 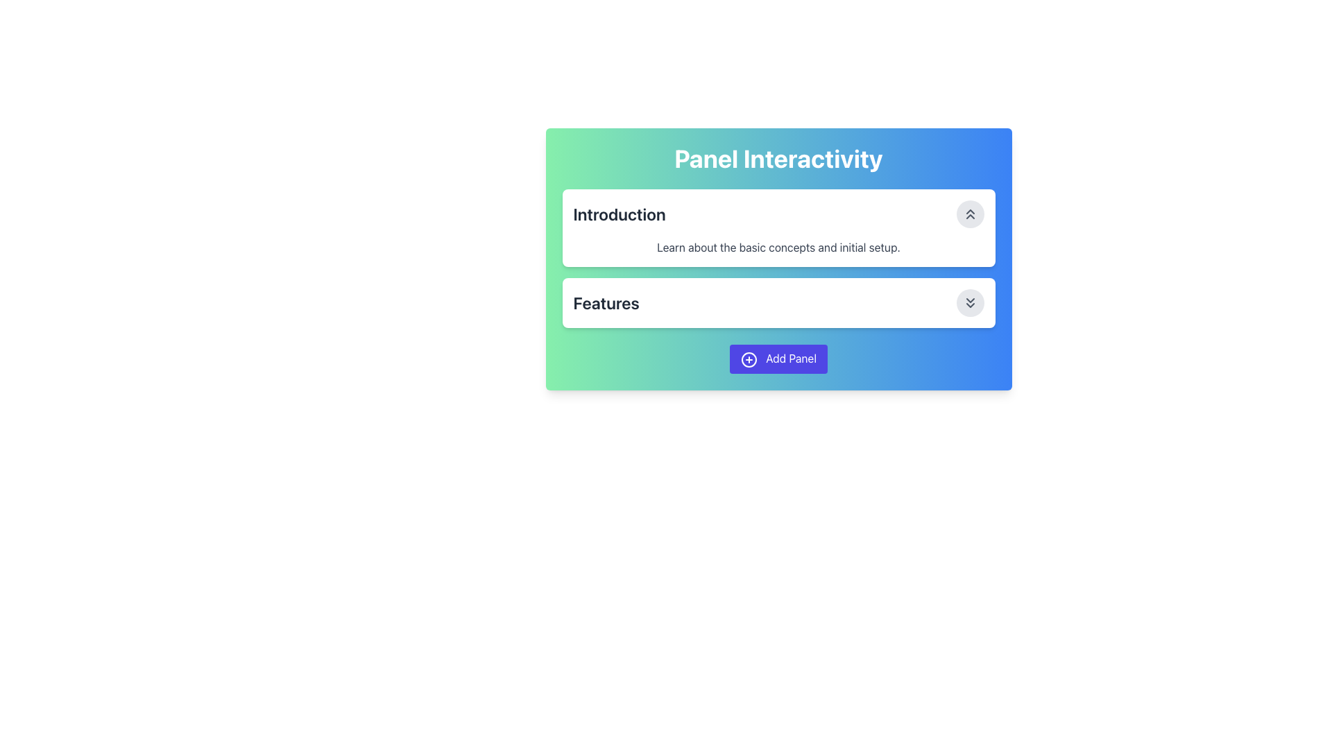 What do you see at coordinates (969, 302) in the screenshot?
I see `the circular button containing the SVG icon that expands or collapses the feature section, located at the far right of the section's header` at bounding box center [969, 302].